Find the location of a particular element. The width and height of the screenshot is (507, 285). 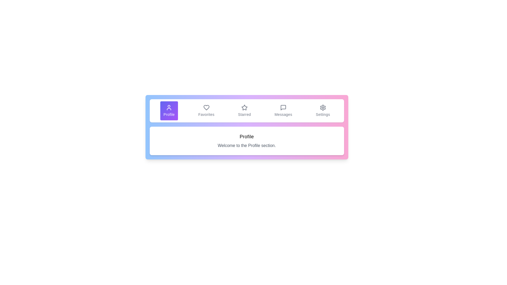

the tab labeled Profile is located at coordinates (168, 111).